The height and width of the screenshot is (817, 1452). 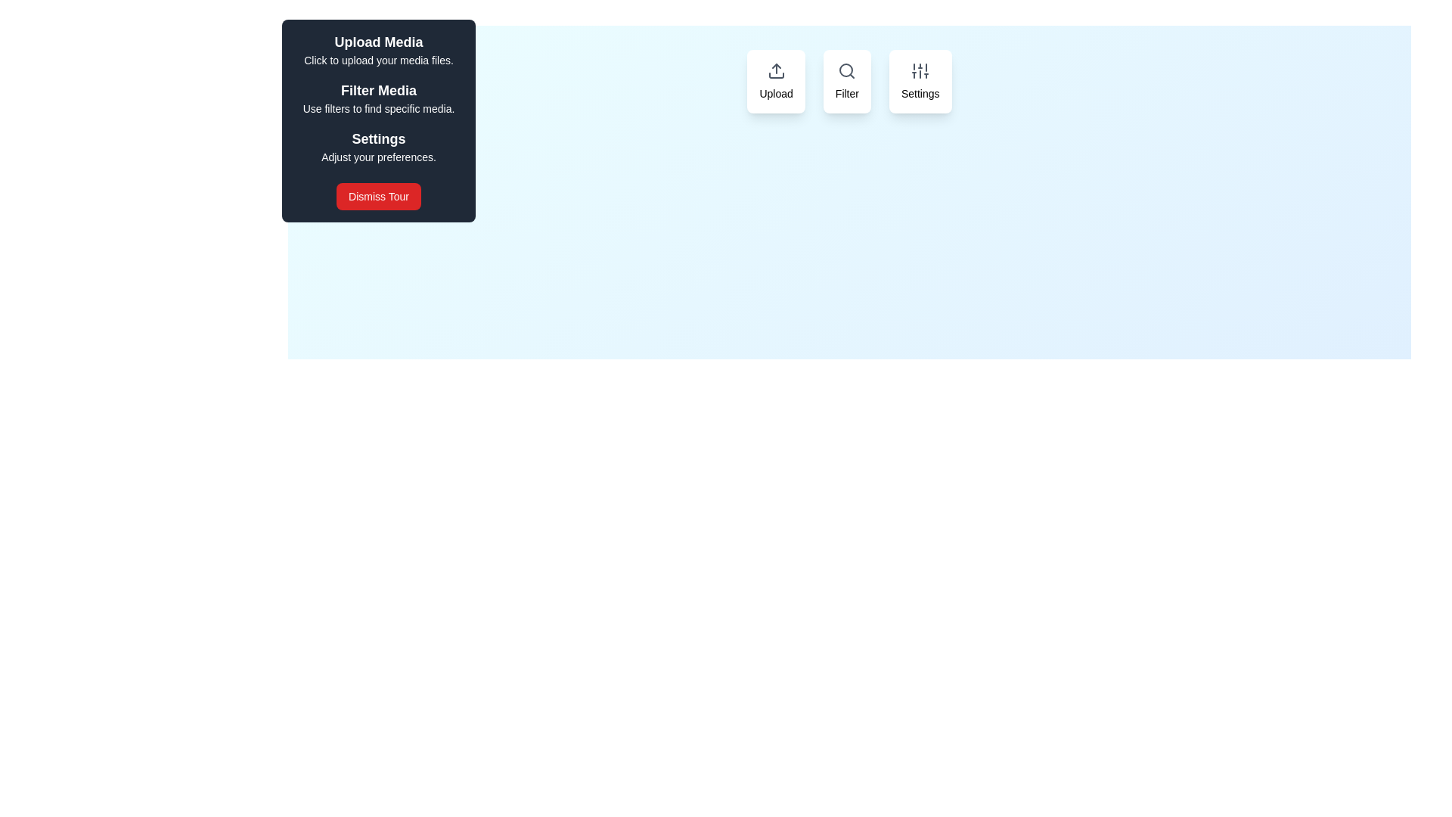 What do you see at coordinates (849, 82) in the screenshot?
I see `the second button in a horizontal row of three buttons, which activates a filtering functionality` at bounding box center [849, 82].